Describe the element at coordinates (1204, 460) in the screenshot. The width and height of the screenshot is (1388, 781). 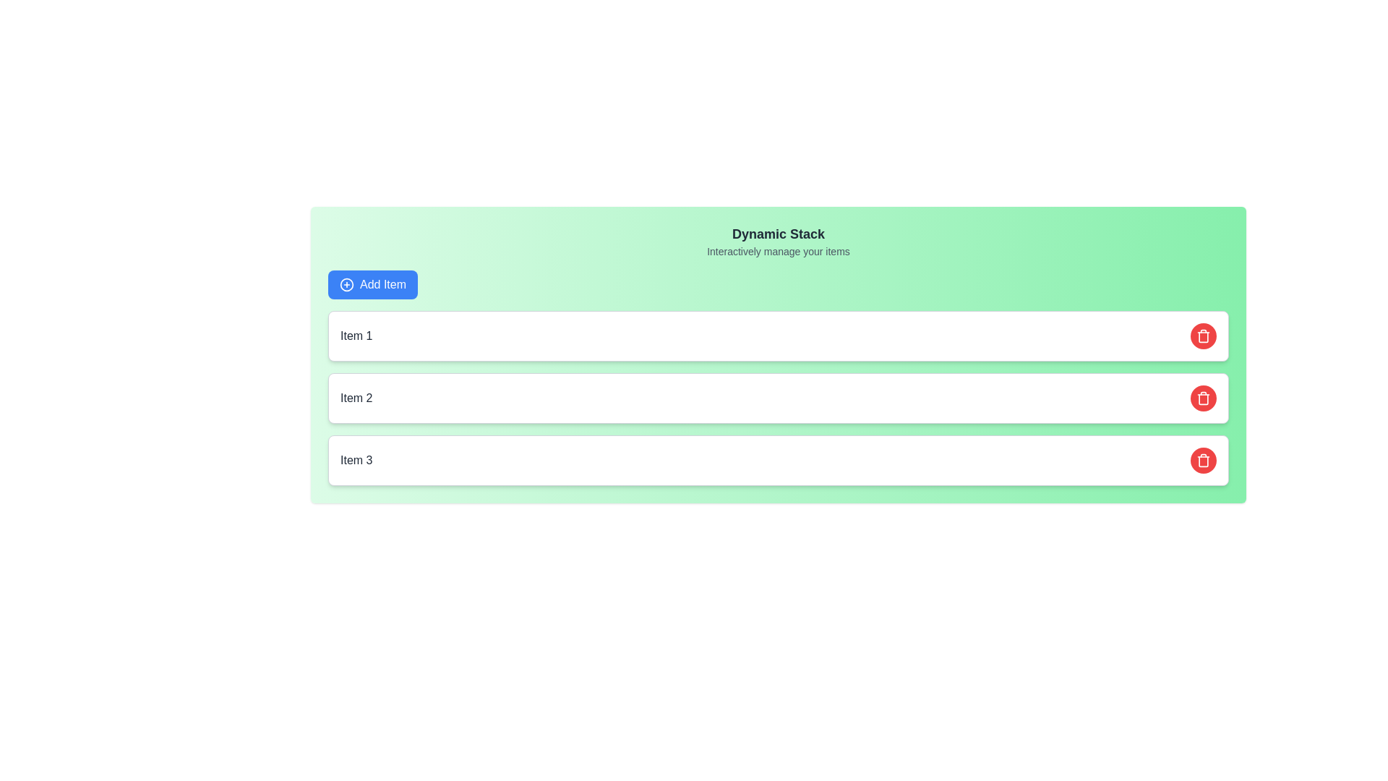
I see `the delete icon button located on the far-right side of the third row of items adjacent to the label 'Item 3'` at that location.